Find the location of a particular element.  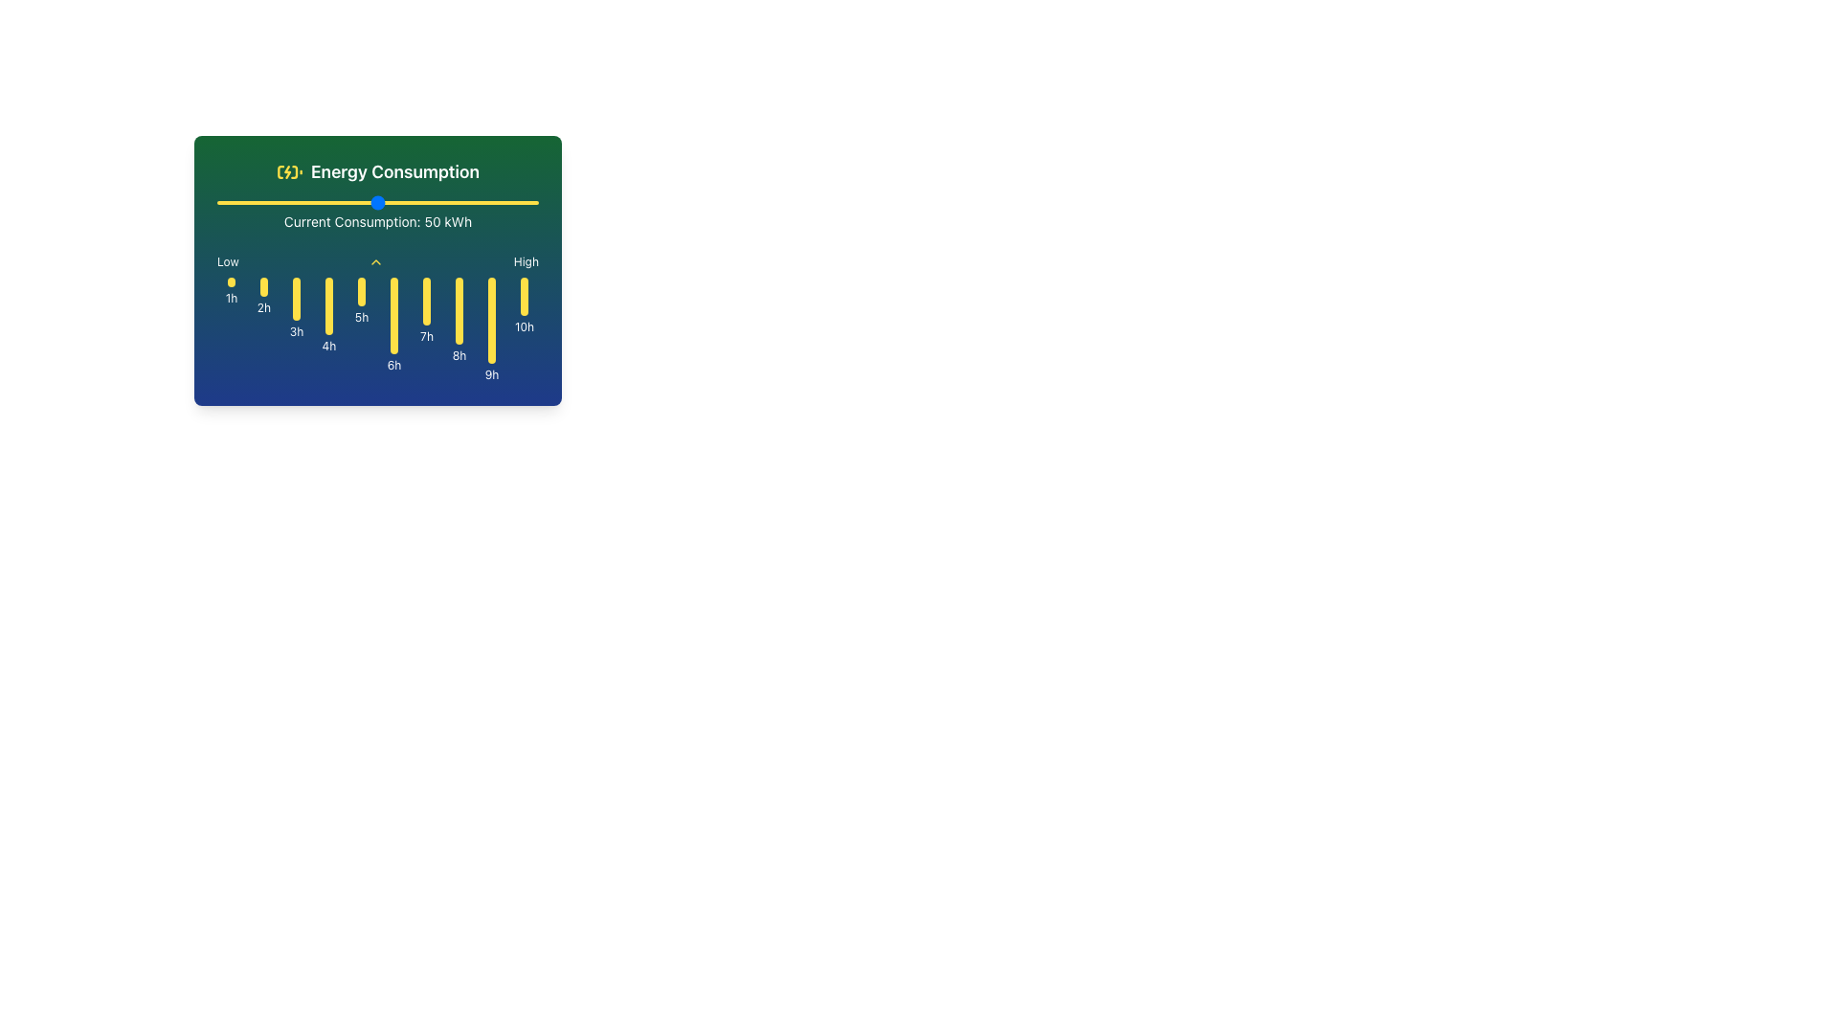

the graphical UI element that represents a measurement or value for a specific time slot of 5 hours, located in the fifth position of a series of ten equally spaced columns is located at coordinates (362, 328).